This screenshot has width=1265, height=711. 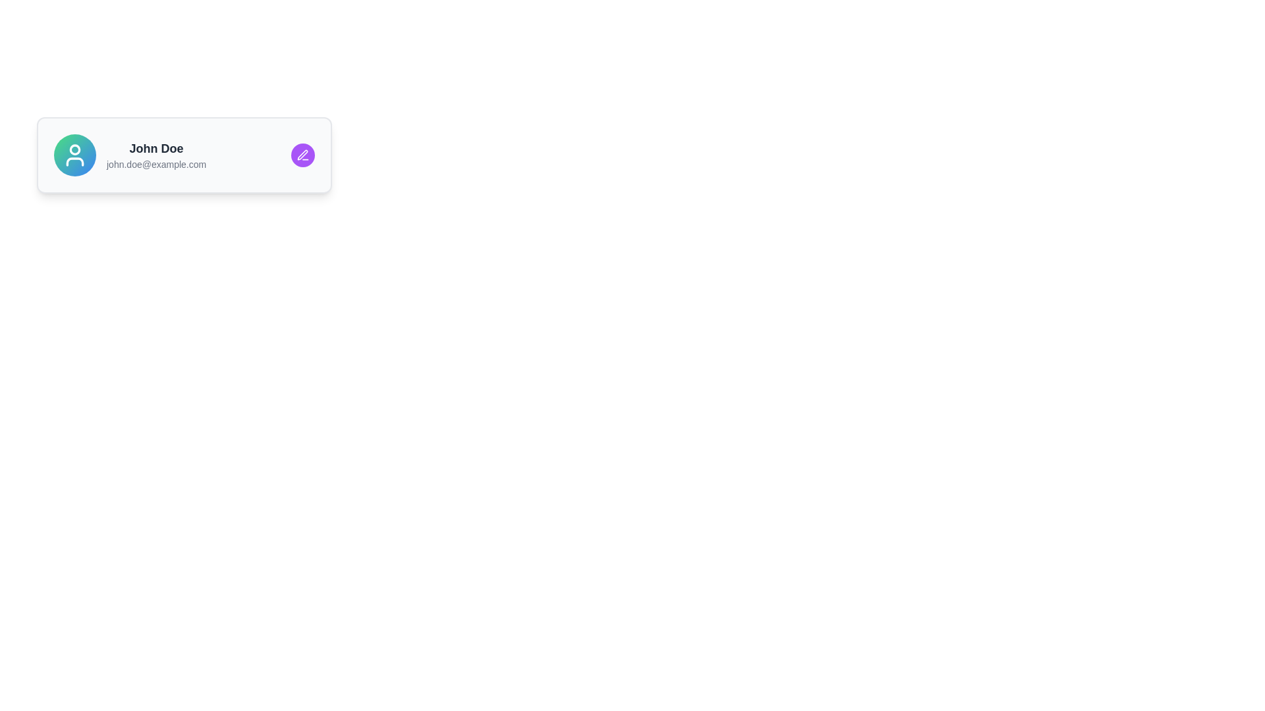 I want to click on the edit action icon within the round purple button located at the far right of the user information card, so click(x=302, y=154).